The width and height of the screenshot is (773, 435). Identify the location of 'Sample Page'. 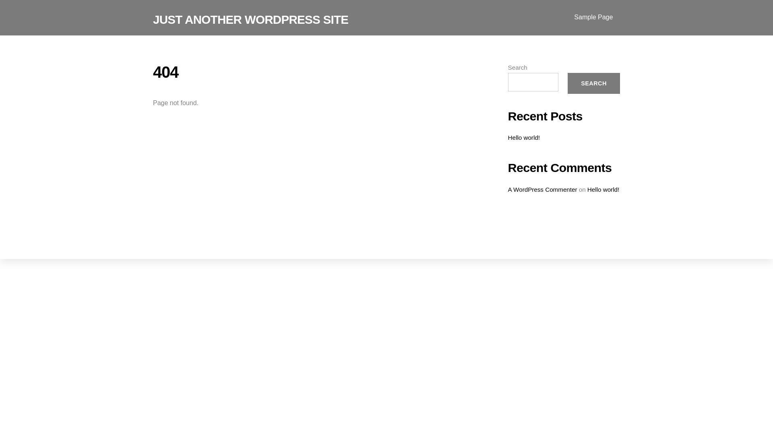
(593, 17).